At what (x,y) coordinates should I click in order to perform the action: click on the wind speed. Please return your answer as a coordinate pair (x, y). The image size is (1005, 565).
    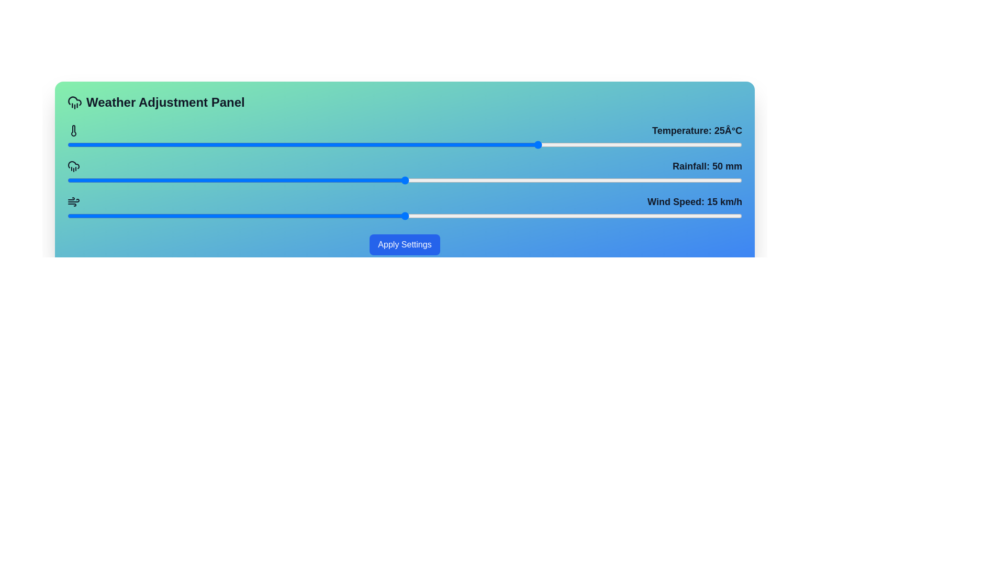
    Looking at the image, I should click on (202, 215).